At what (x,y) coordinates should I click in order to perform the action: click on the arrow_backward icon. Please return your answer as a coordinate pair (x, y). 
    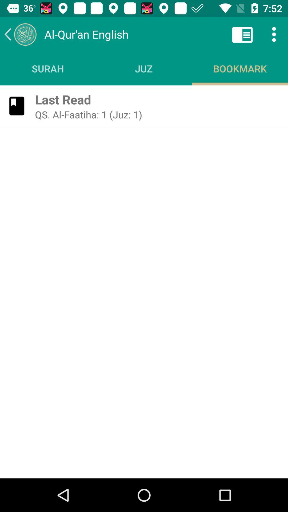
    Looking at the image, I should click on (20, 34).